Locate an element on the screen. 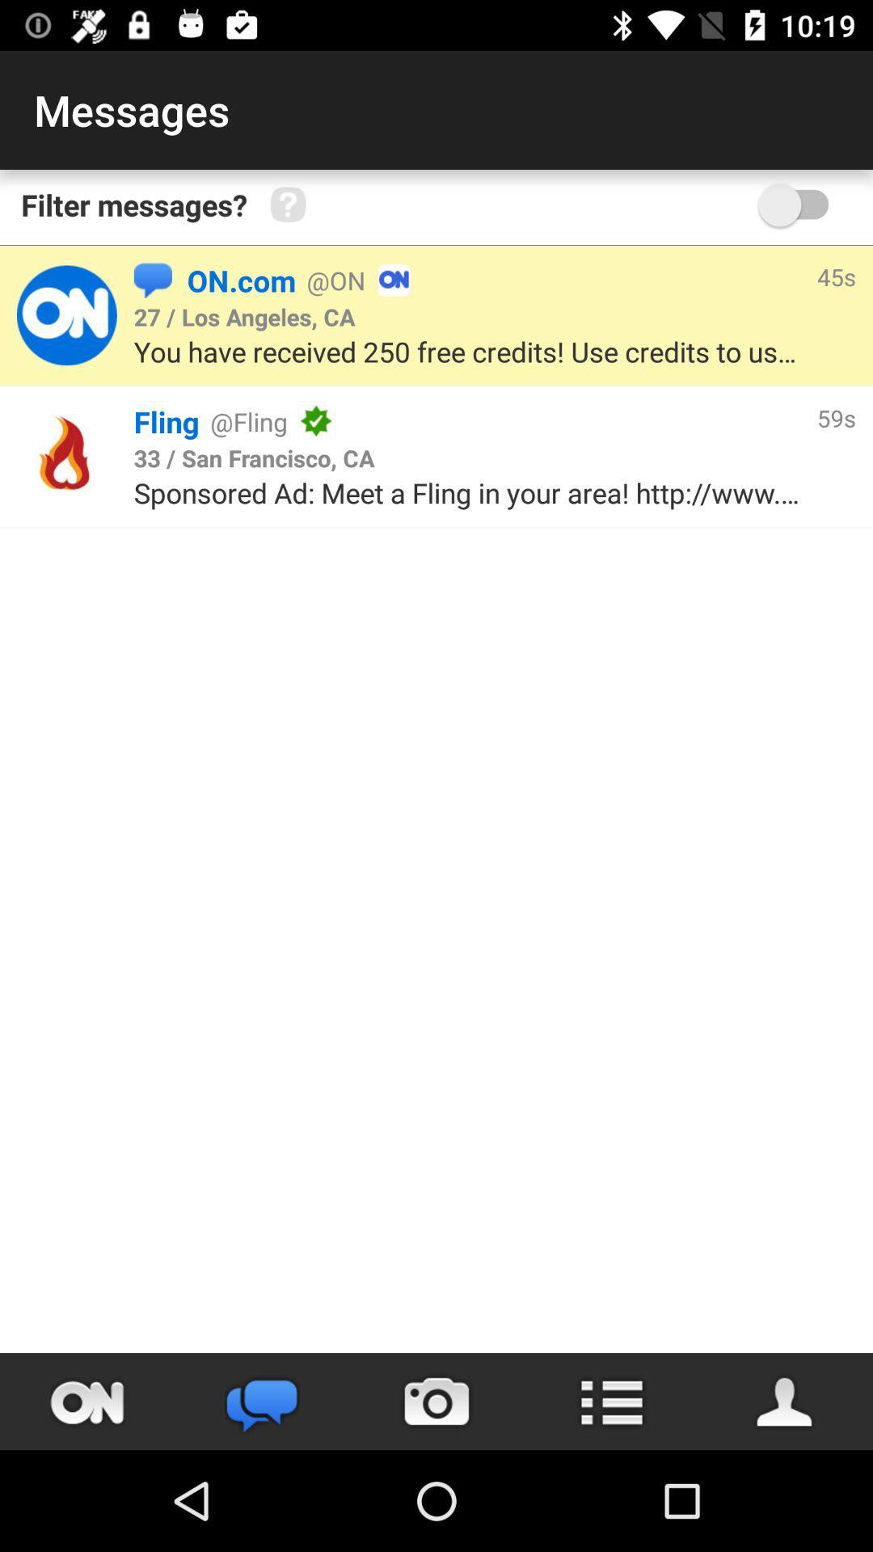 Image resolution: width=873 pixels, height=1552 pixels. the menu bar is located at coordinates (611, 1401).